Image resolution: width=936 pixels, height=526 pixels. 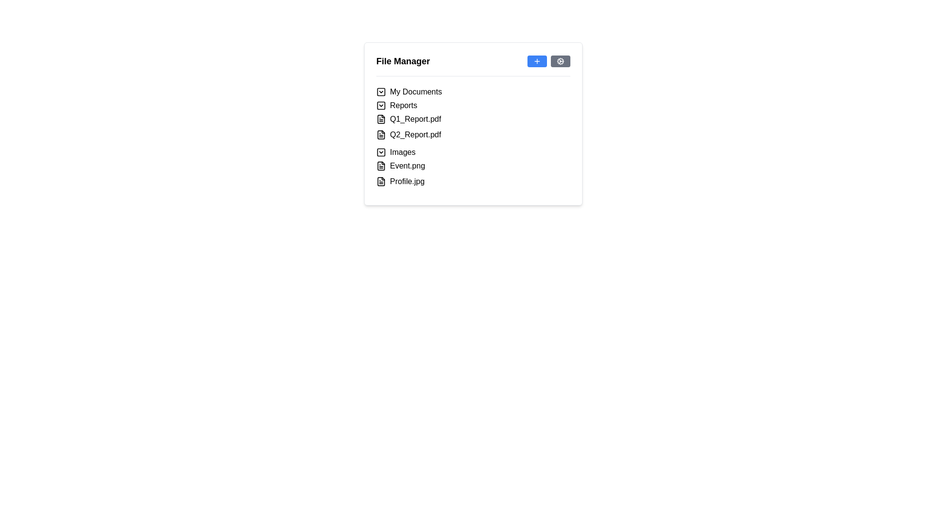 What do you see at coordinates (473, 135) in the screenshot?
I see `on the 'Q2_Report.pdf' file item in the vertical list` at bounding box center [473, 135].